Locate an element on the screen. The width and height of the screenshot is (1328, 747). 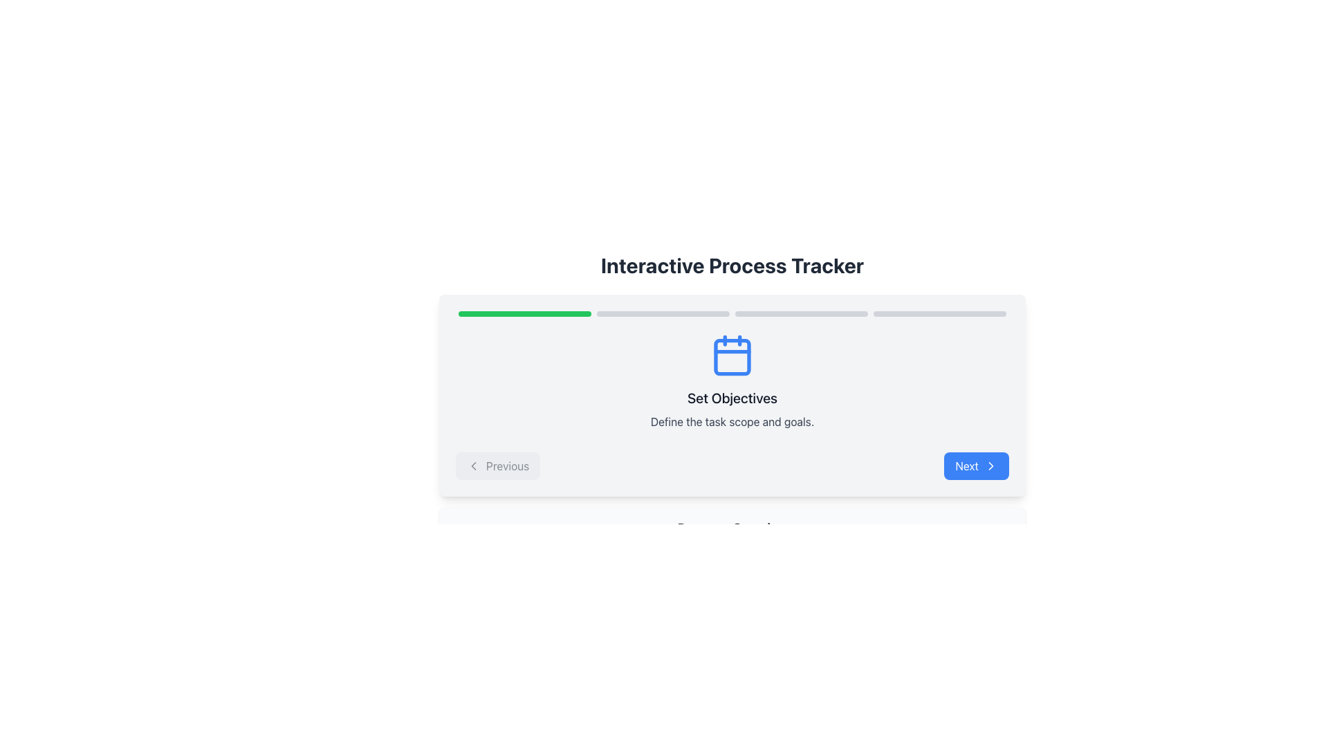
the static text element that says 'Define the task scope and goals.' which is displayed in gray color and located below the heading 'Set Objectives' is located at coordinates (732, 421).